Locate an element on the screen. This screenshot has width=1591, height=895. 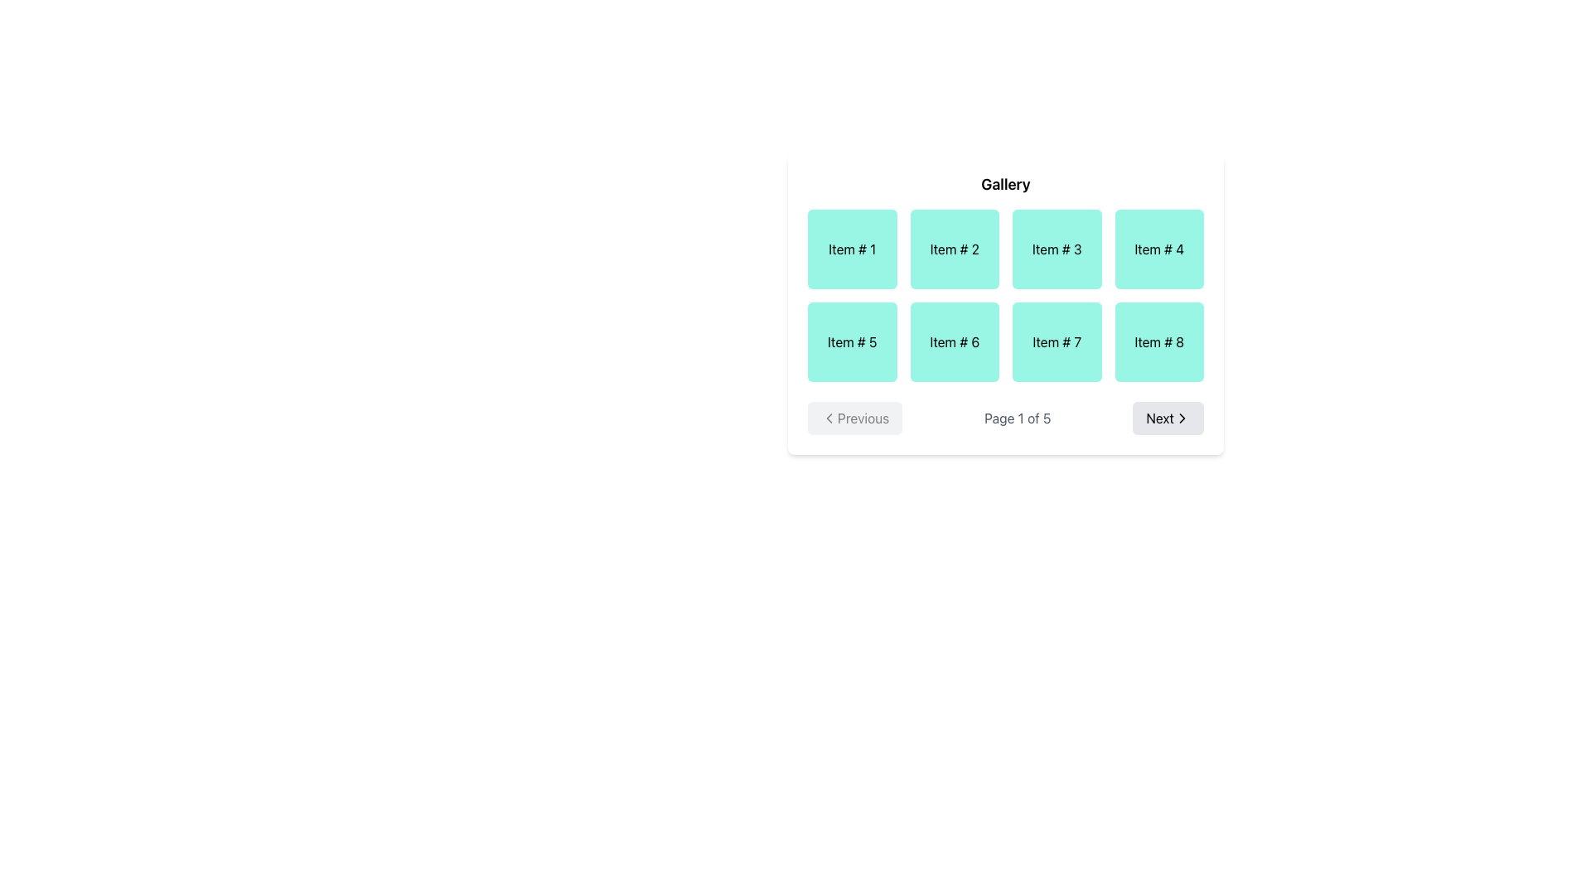
the button labeled 'Item # 3', which is a teal rectangular button with rounded corners in the first row of a grid layout is located at coordinates (1056, 249).